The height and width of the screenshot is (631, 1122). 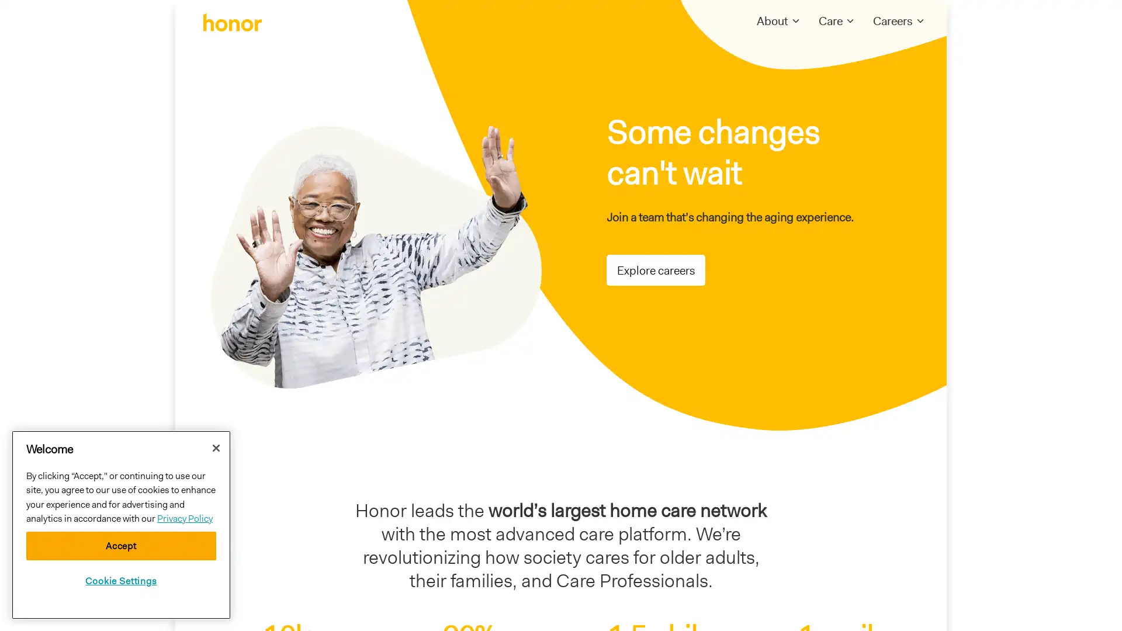 I want to click on Careers, so click(x=892, y=20).